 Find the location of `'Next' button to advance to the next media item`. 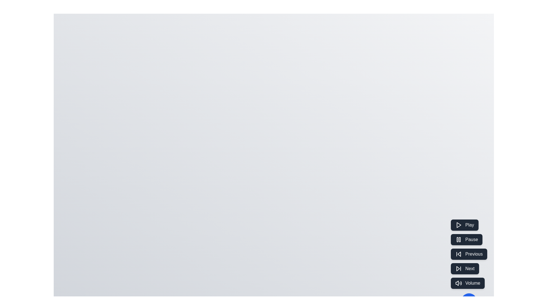

'Next' button to advance to the next media item is located at coordinates (465, 268).